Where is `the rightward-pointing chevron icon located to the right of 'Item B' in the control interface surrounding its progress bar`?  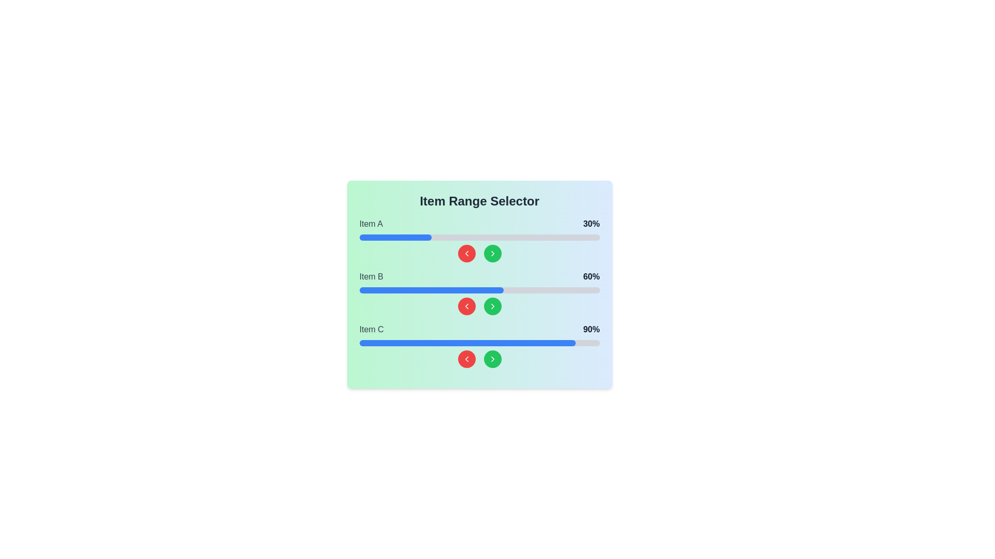
the rightward-pointing chevron icon located to the right of 'Item B' in the control interface surrounding its progress bar is located at coordinates (492, 253).